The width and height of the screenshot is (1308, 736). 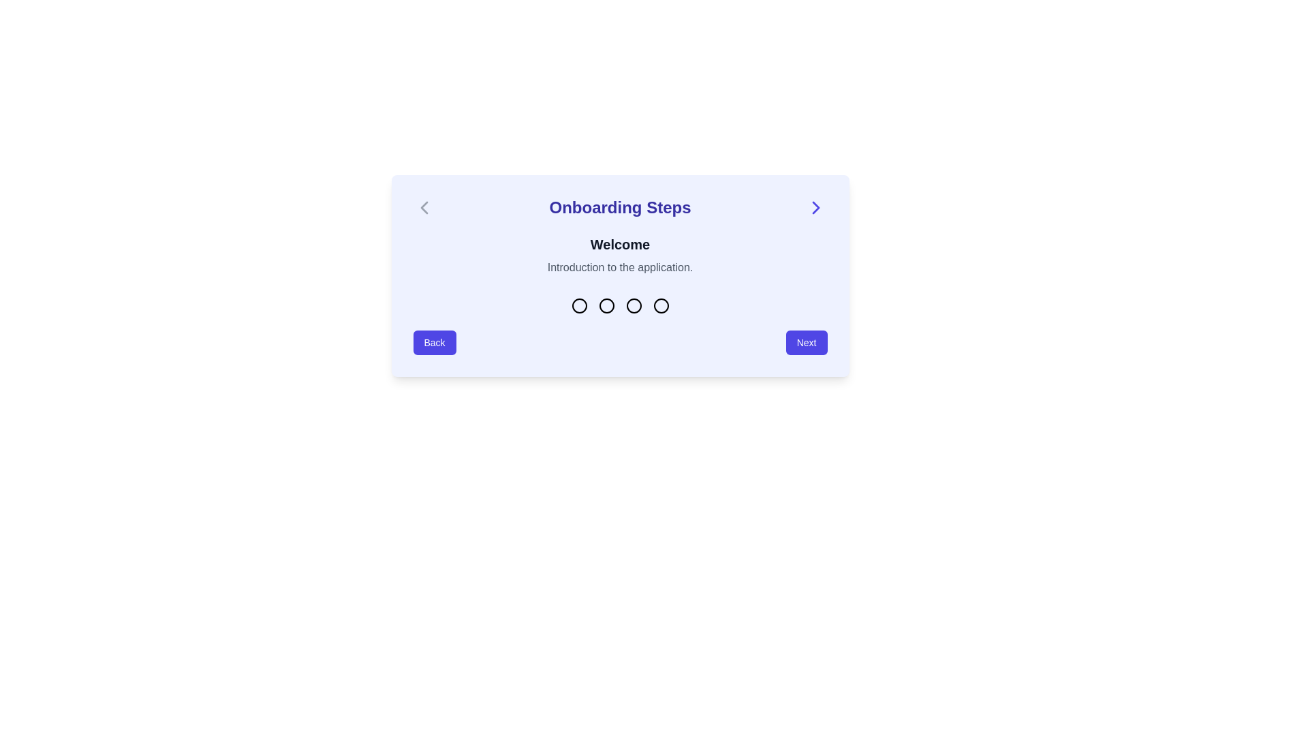 What do you see at coordinates (619, 243) in the screenshot?
I see `the heading text label located at the top-center of the panel, which welcomes users to the application, positioned above the text 'Introduction to the application.'` at bounding box center [619, 243].